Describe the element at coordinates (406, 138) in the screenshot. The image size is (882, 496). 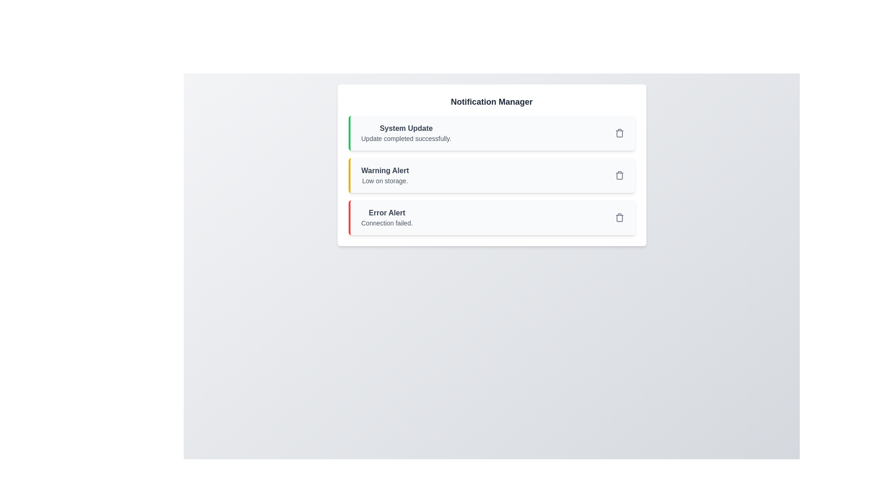
I see `the status message indicating that an update has been completed successfully, which is located under the 'System Update' notification heading within the notification card` at that location.